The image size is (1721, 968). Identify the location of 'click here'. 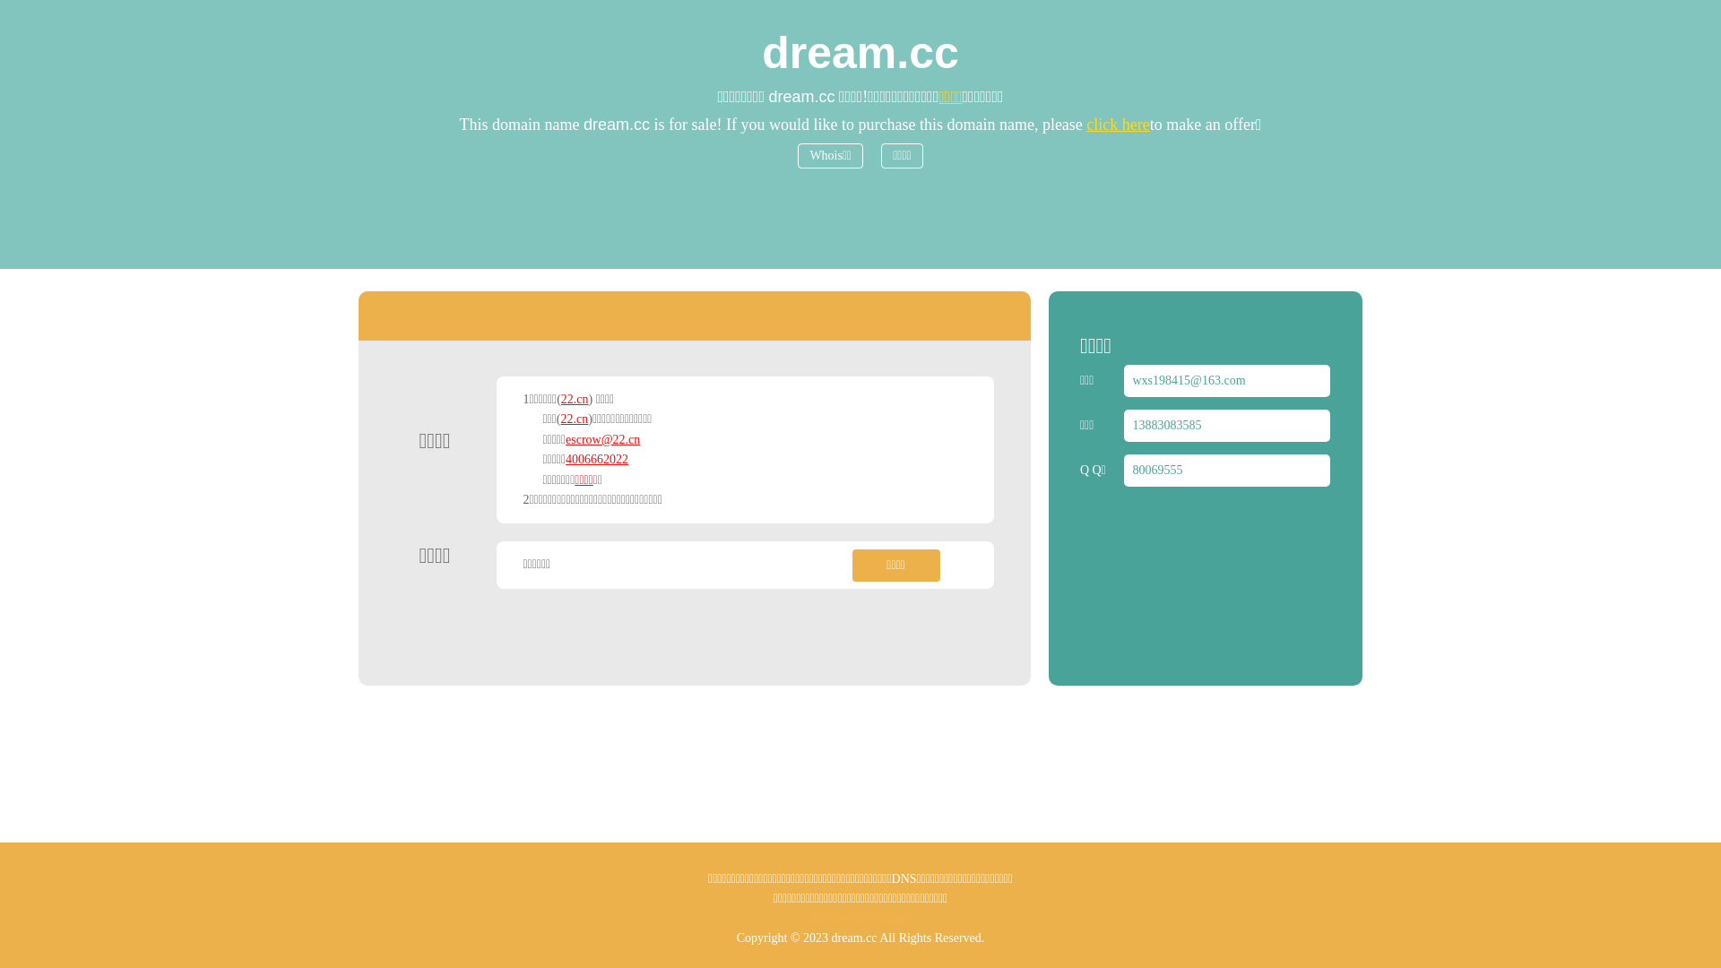
(1117, 123).